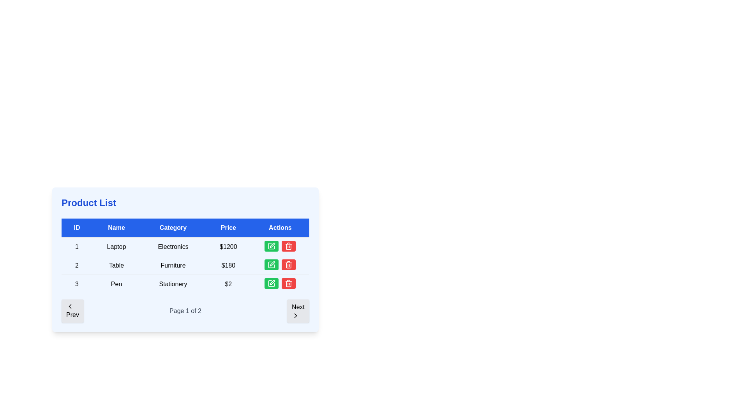  I want to click on the green icon button with a pen inside a square, located in the second row under the 'Actions' column, so click(271, 264).